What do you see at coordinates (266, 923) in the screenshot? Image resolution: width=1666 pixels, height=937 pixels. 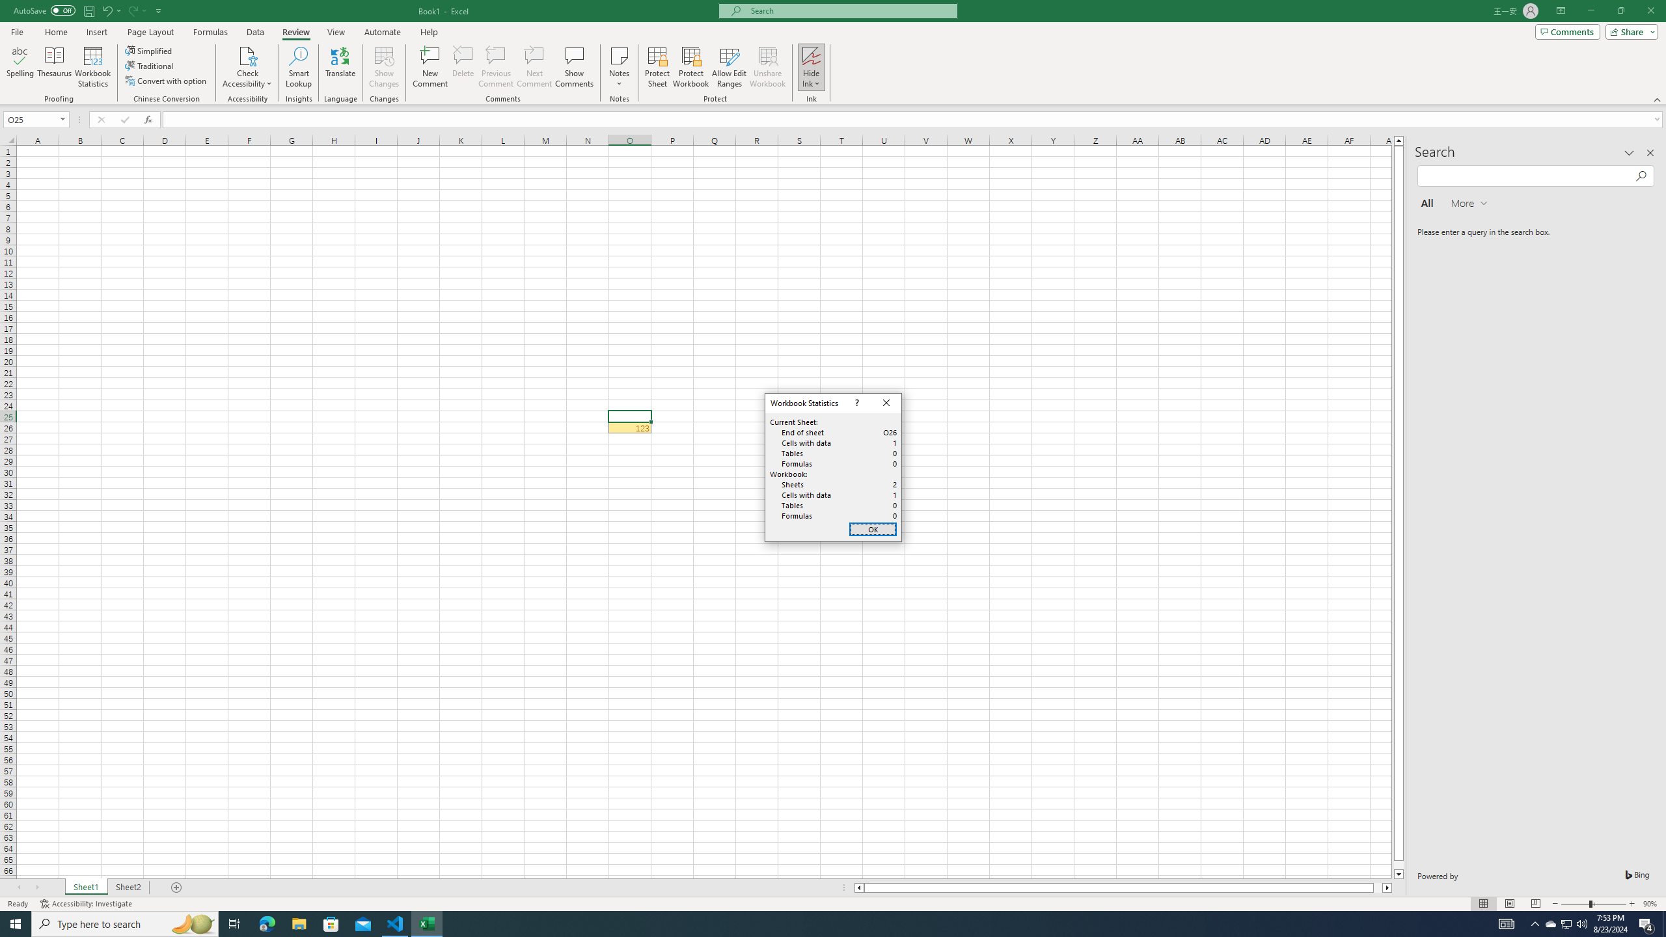 I see `'Microsoft Edge'` at bounding box center [266, 923].